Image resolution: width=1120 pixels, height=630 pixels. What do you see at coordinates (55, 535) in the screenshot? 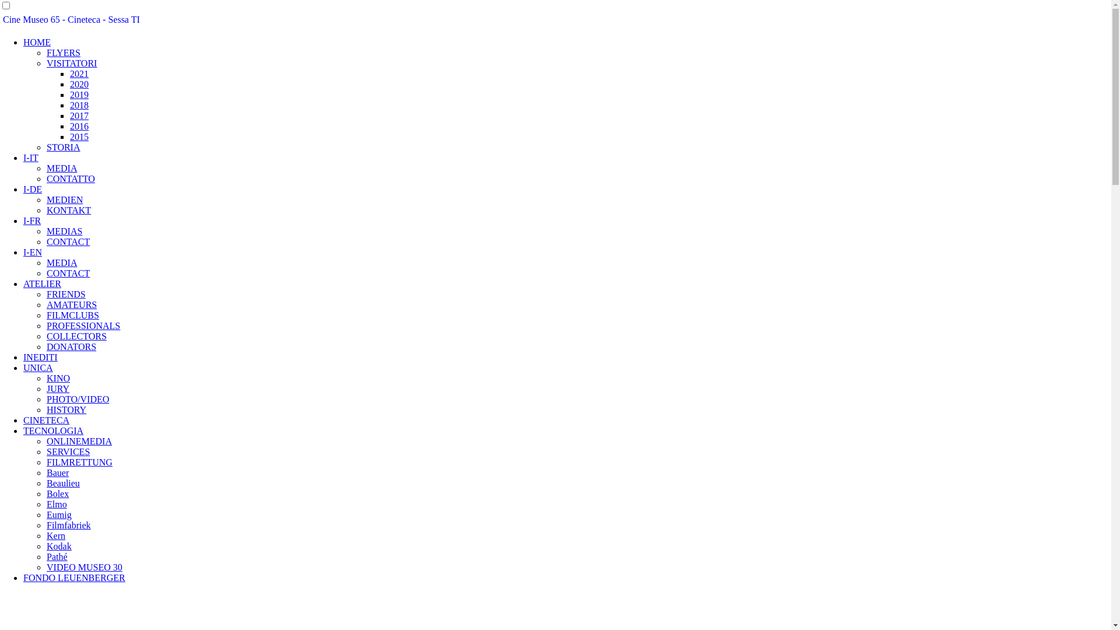
I see `'Kern'` at bounding box center [55, 535].